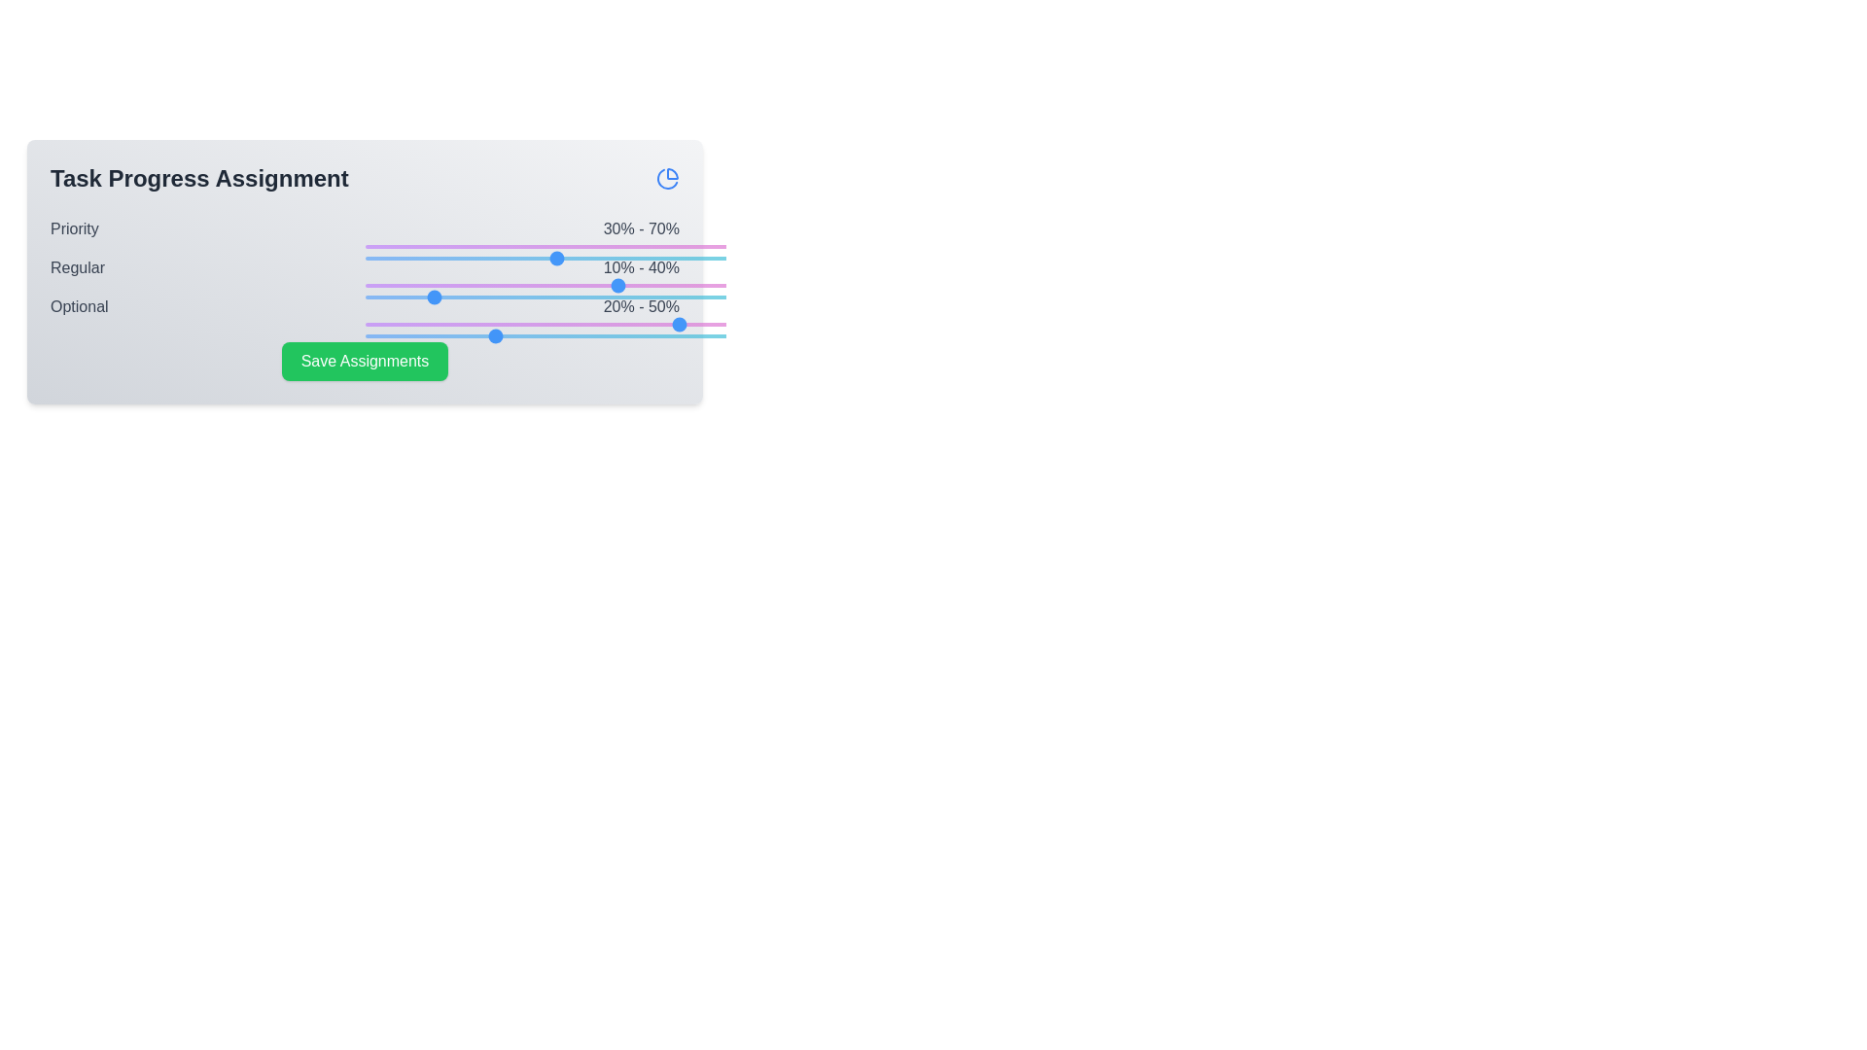  Describe the element at coordinates (365, 361) in the screenshot. I see `the 'Save Assignments' button` at that location.